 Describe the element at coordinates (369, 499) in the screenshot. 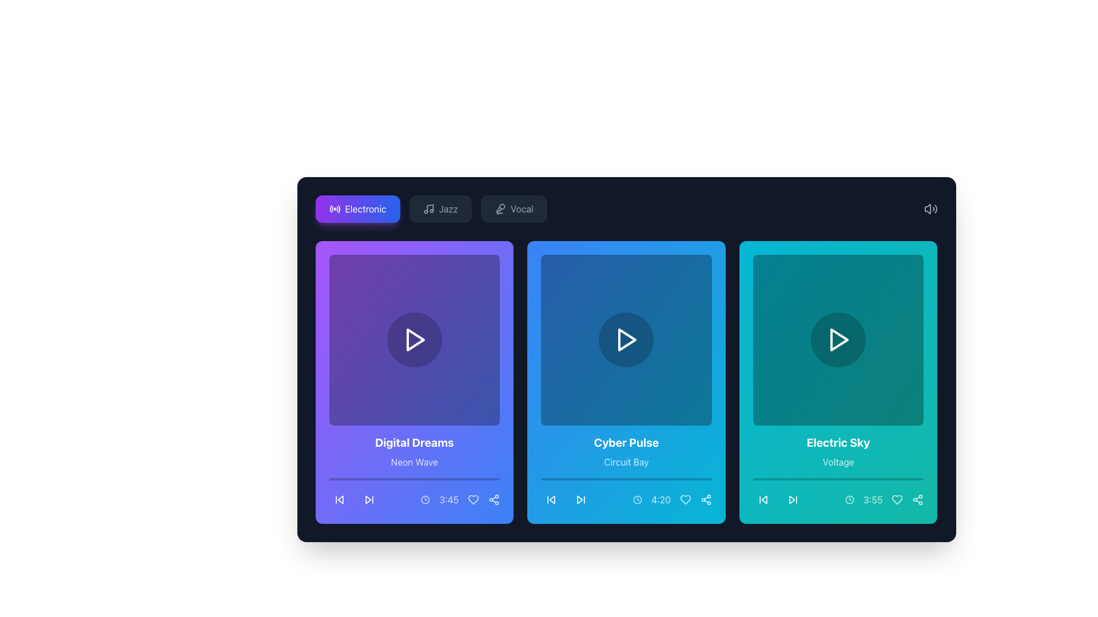

I see `the forward-skip control button, which is a white triangular arrow pointing to the right followed by two vertical lines, located in the lower control section of the 'Digital Dreams' card` at that location.